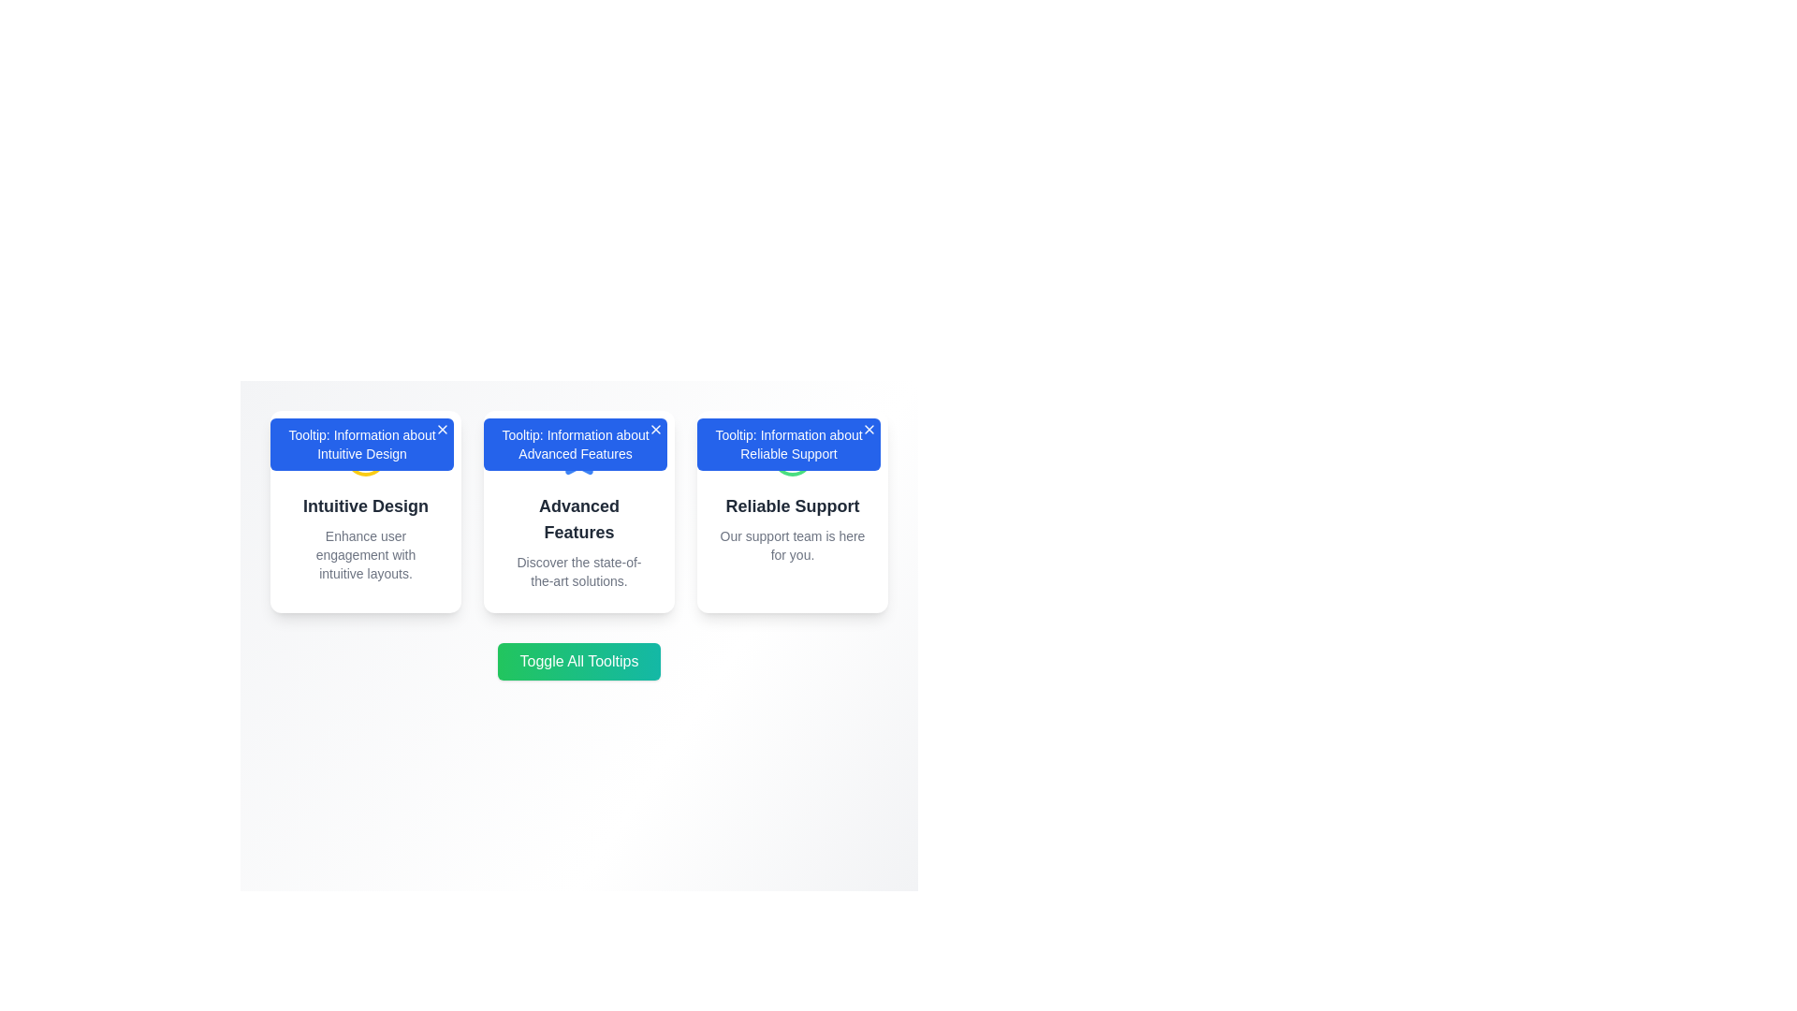 The height and width of the screenshot is (1011, 1797). What do you see at coordinates (792, 545) in the screenshot?
I see `text displayed in light gray color that says 'Our support team is here for you.' which is located at the center of the card titled 'Reliable Support'` at bounding box center [792, 545].